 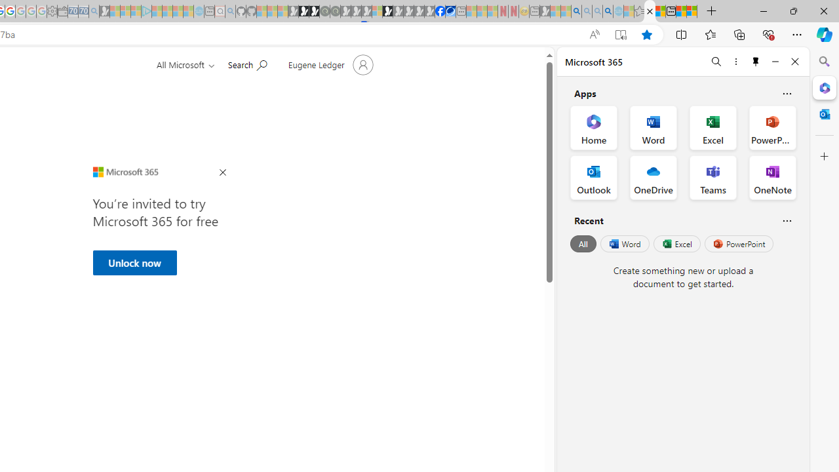 What do you see at coordinates (712, 178) in the screenshot?
I see `'Teams Office App'` at bounding box center [712, 178].